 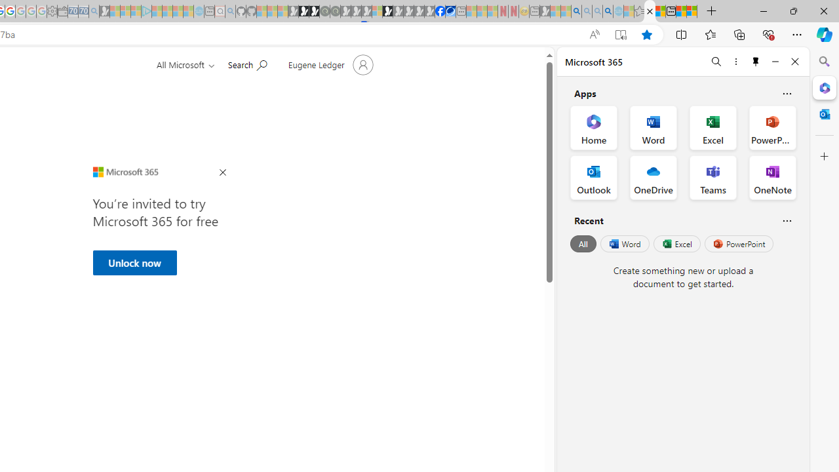 What do you see at coordinates (712, 178) in the screenshot?
I see `'Teams Office App'` at bounding box center [712, 178].